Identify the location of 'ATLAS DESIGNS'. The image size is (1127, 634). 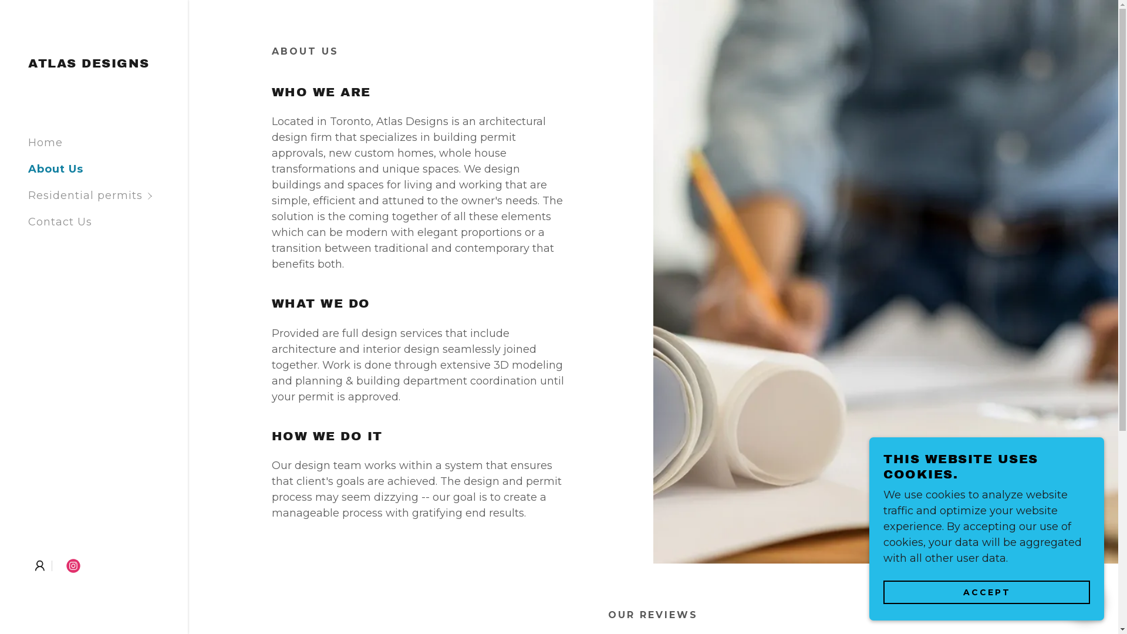
(88, 63).